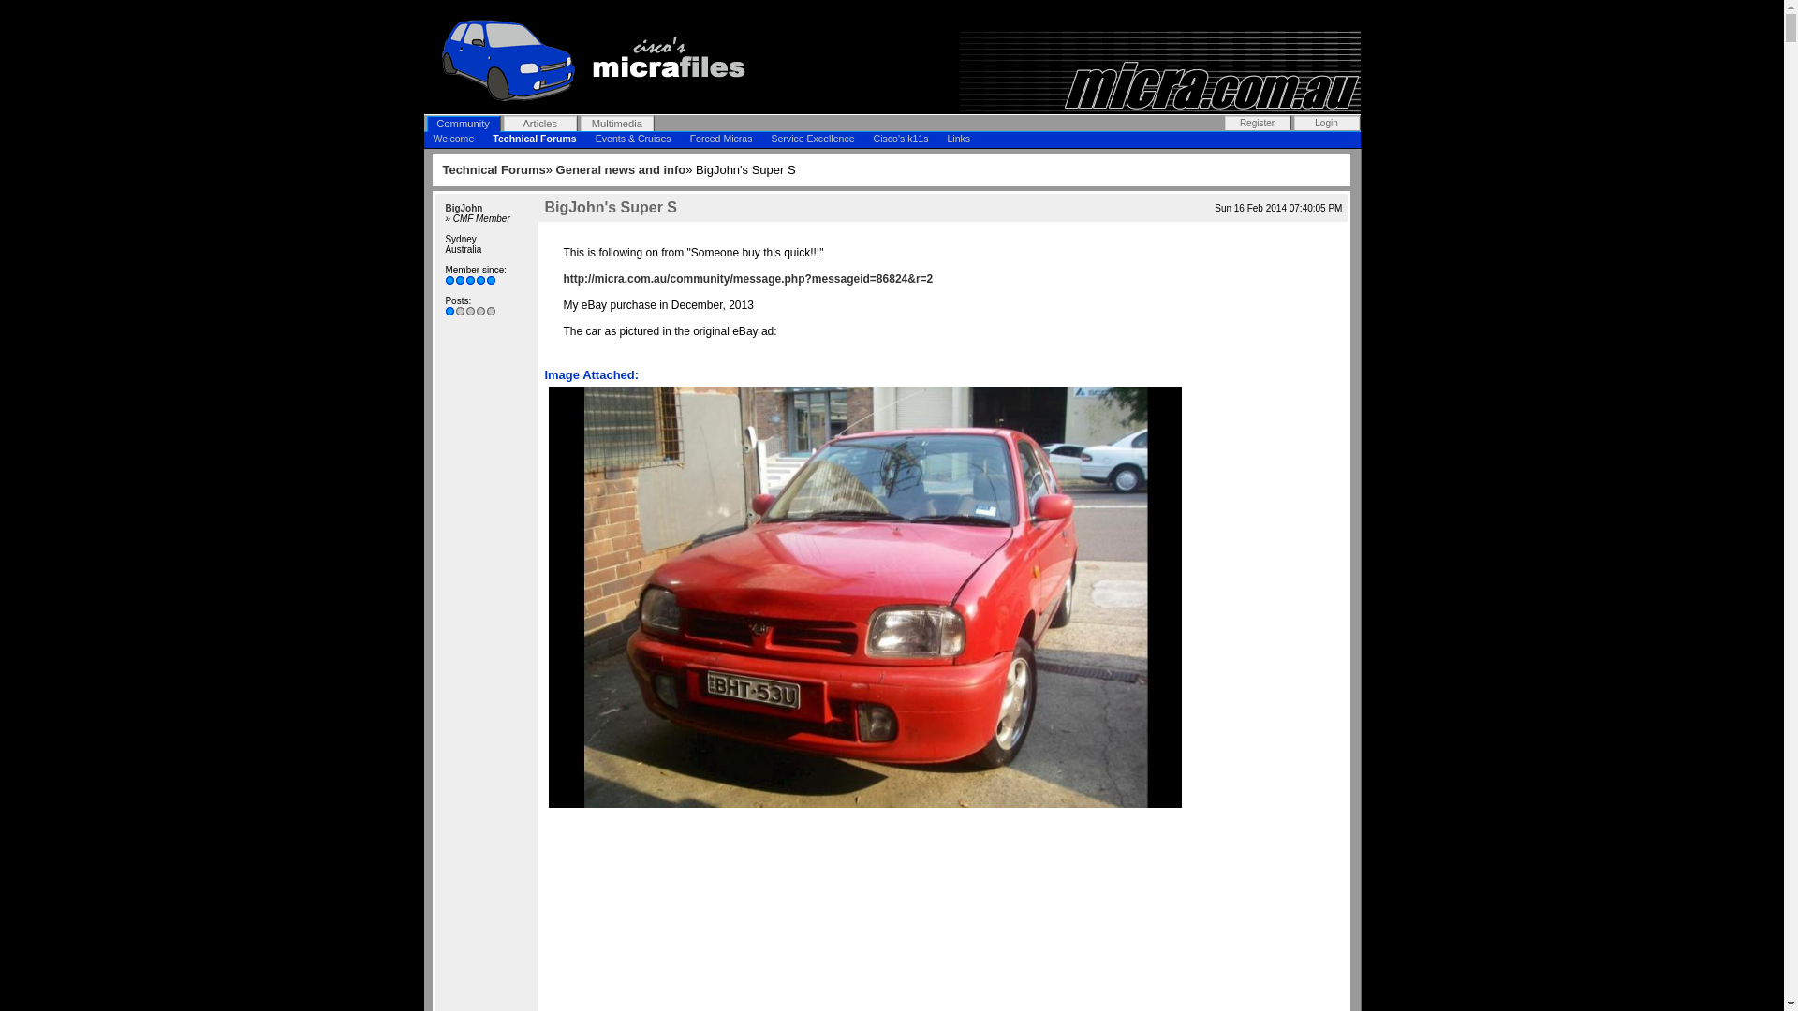  I want to click on 'Forced Micras', so click(720, 139).